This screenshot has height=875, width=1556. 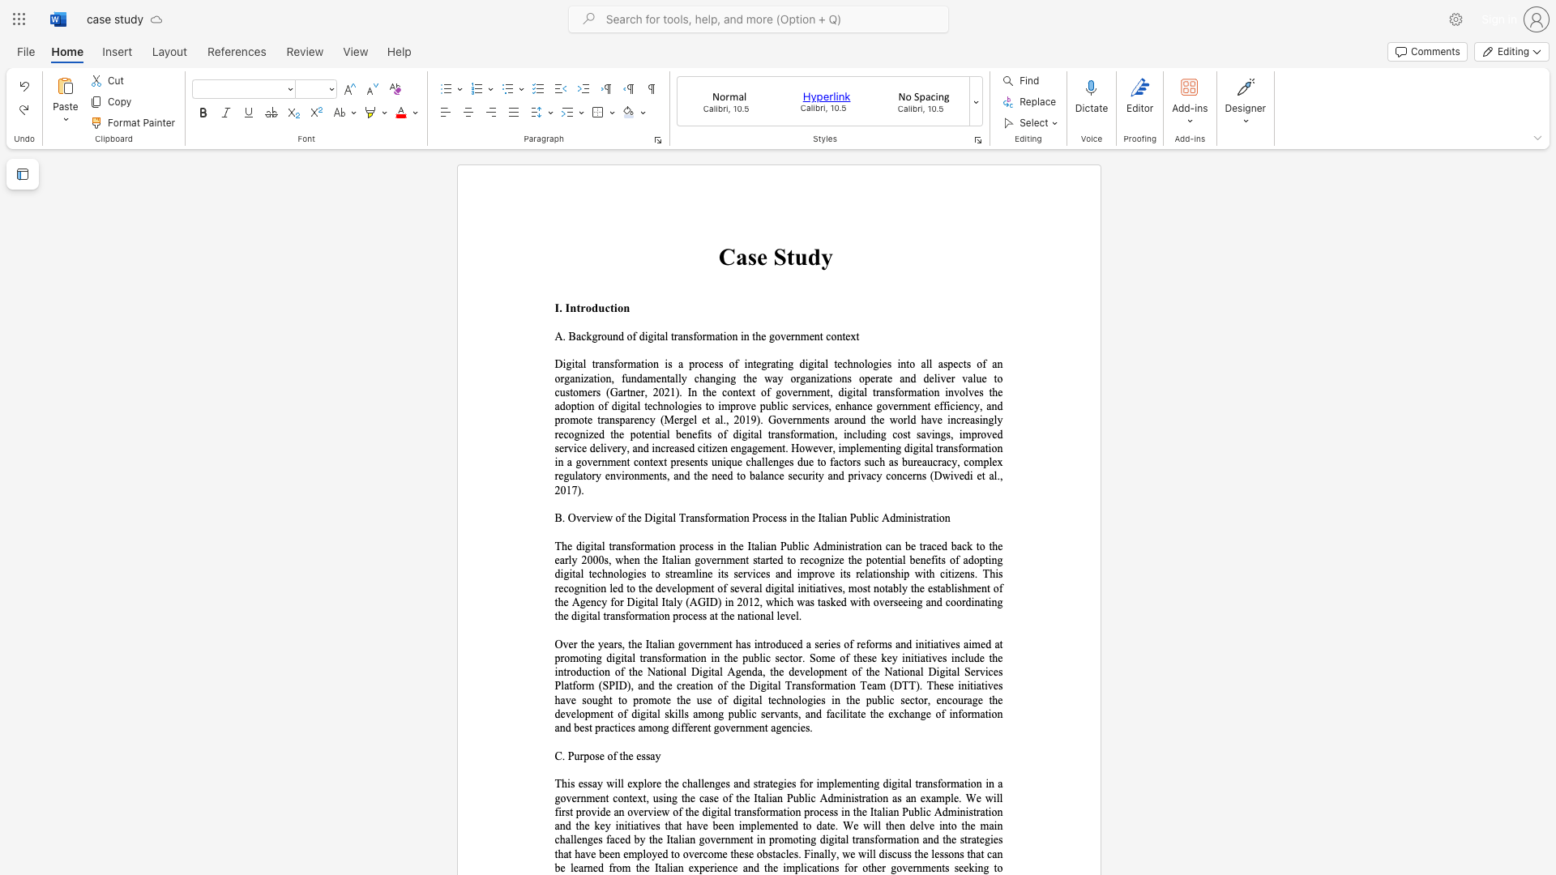 I want to click on the subset text "Public Adm" within the text "B. Overview of the Digital Transformation Process in the Italian Public Administration", so click(x=849, y=518).